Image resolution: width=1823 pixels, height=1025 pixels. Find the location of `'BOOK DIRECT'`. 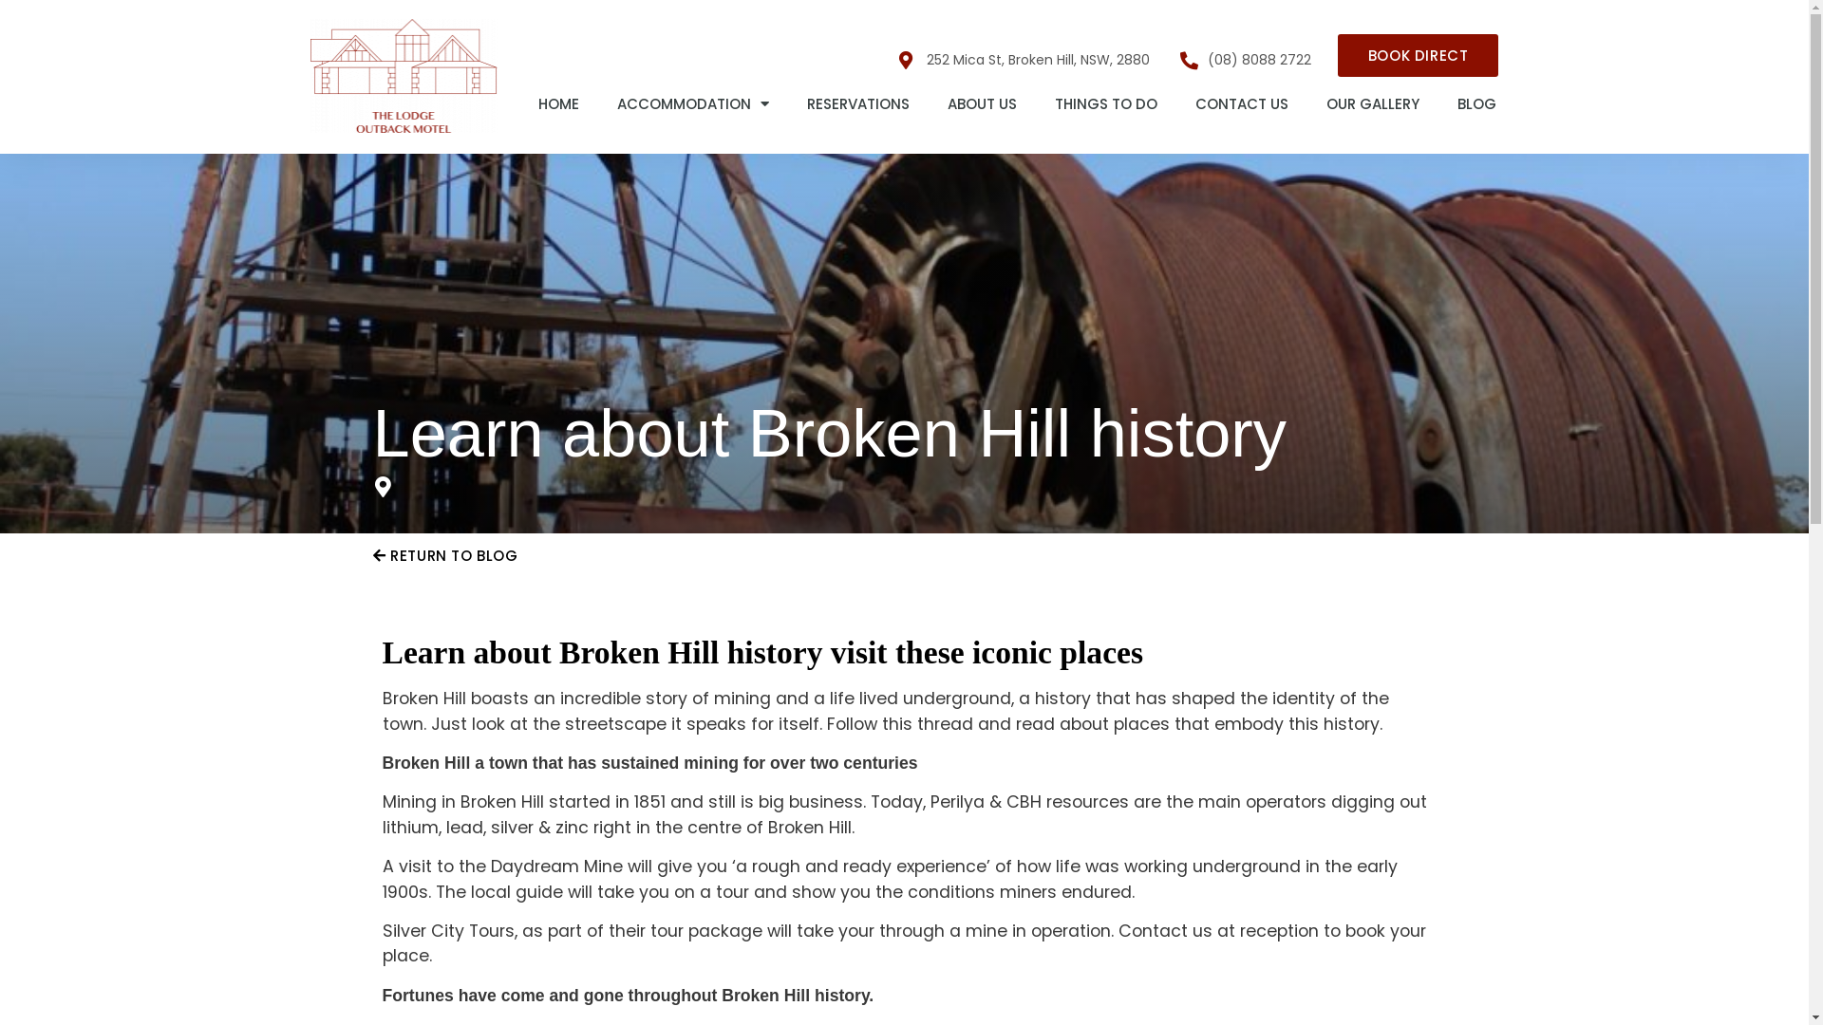

'BOOK DIRECT' is located at coordinates (1418, 54).